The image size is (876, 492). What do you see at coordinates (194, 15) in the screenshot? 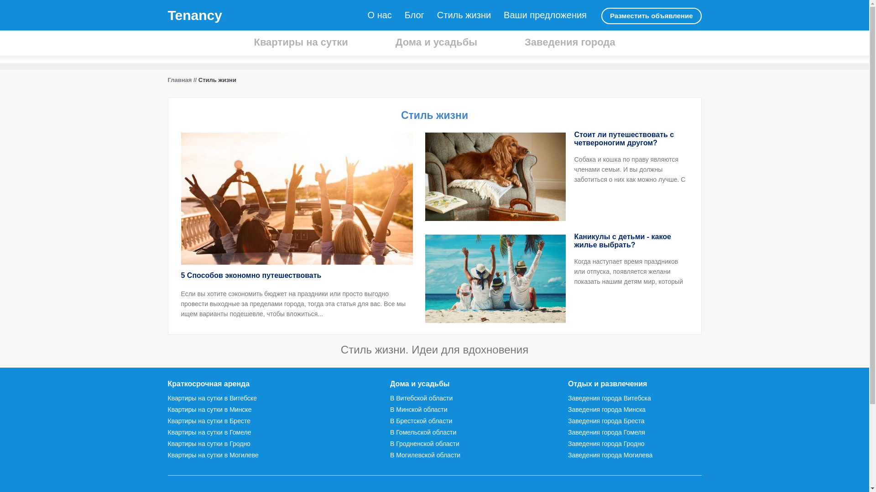
I see `'Tenancy'` at bounding box center [194, 15].